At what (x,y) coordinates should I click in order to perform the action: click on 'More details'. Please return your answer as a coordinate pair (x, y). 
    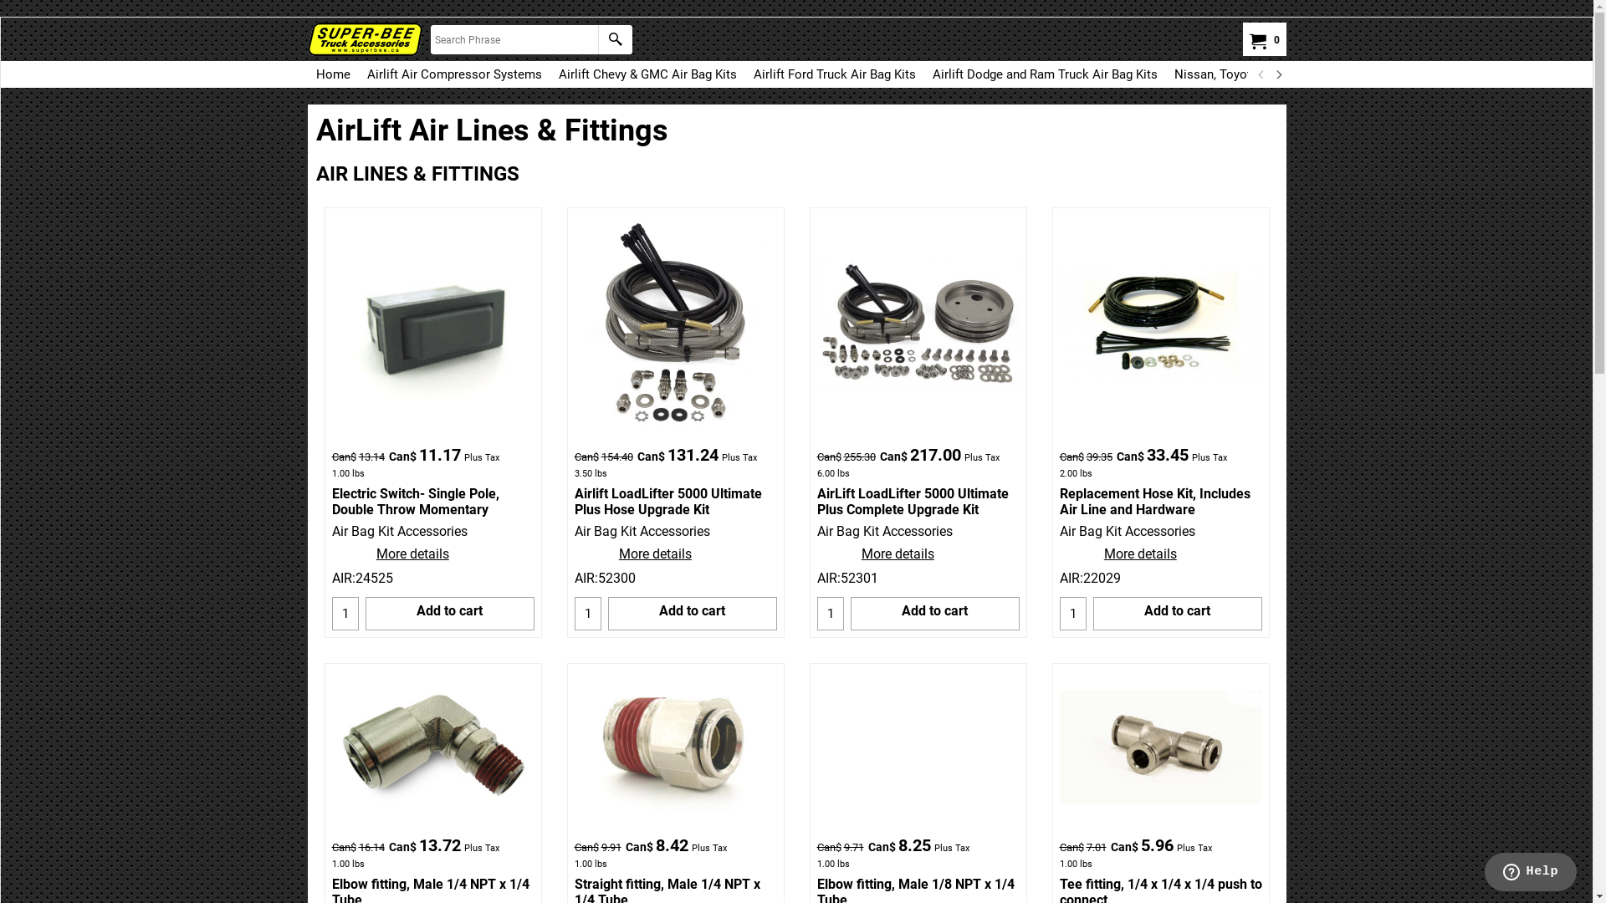
    Looking at the image, I should click on (653, 553).